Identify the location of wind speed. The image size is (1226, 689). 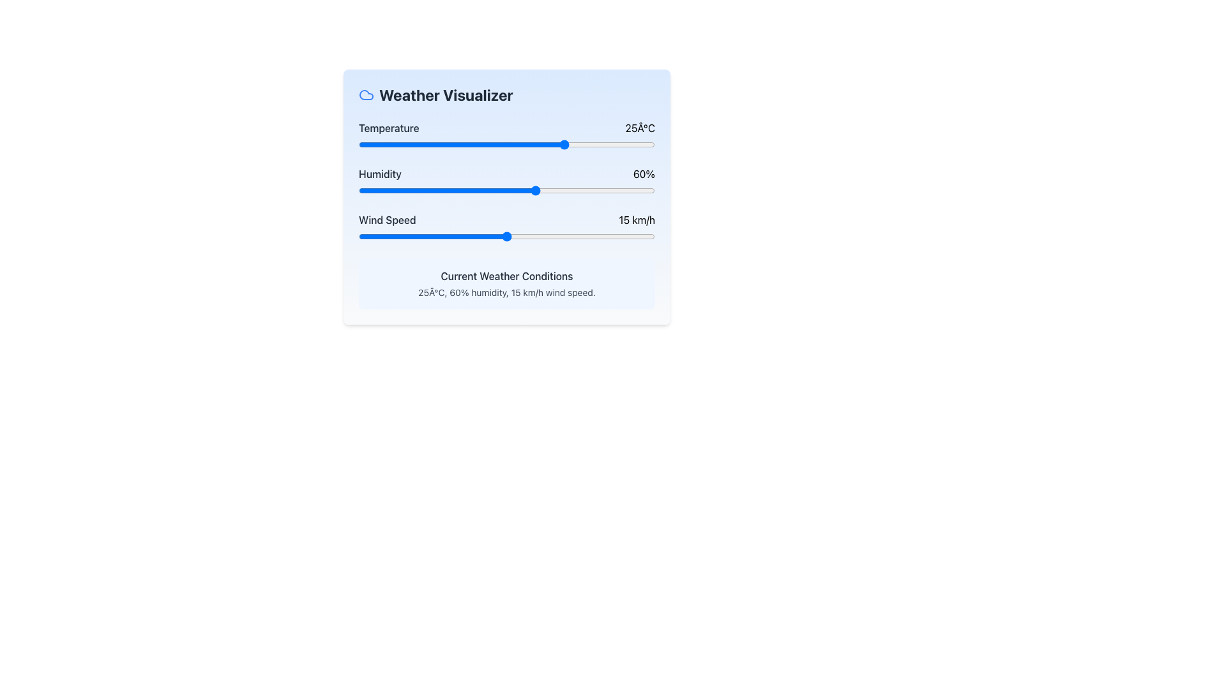
(556, 236).